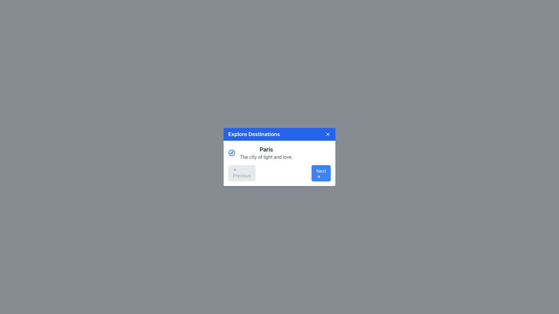 The height and width of the screenshot is (314, 559). What do you see at coordinates (266, 152) in the screenshot?
I see `descriptive text content located in the center of the 'Explore Destinations' card interface, positioned just below the header between a circular icon and a 'Next' button` at bounding box center [266, 152].